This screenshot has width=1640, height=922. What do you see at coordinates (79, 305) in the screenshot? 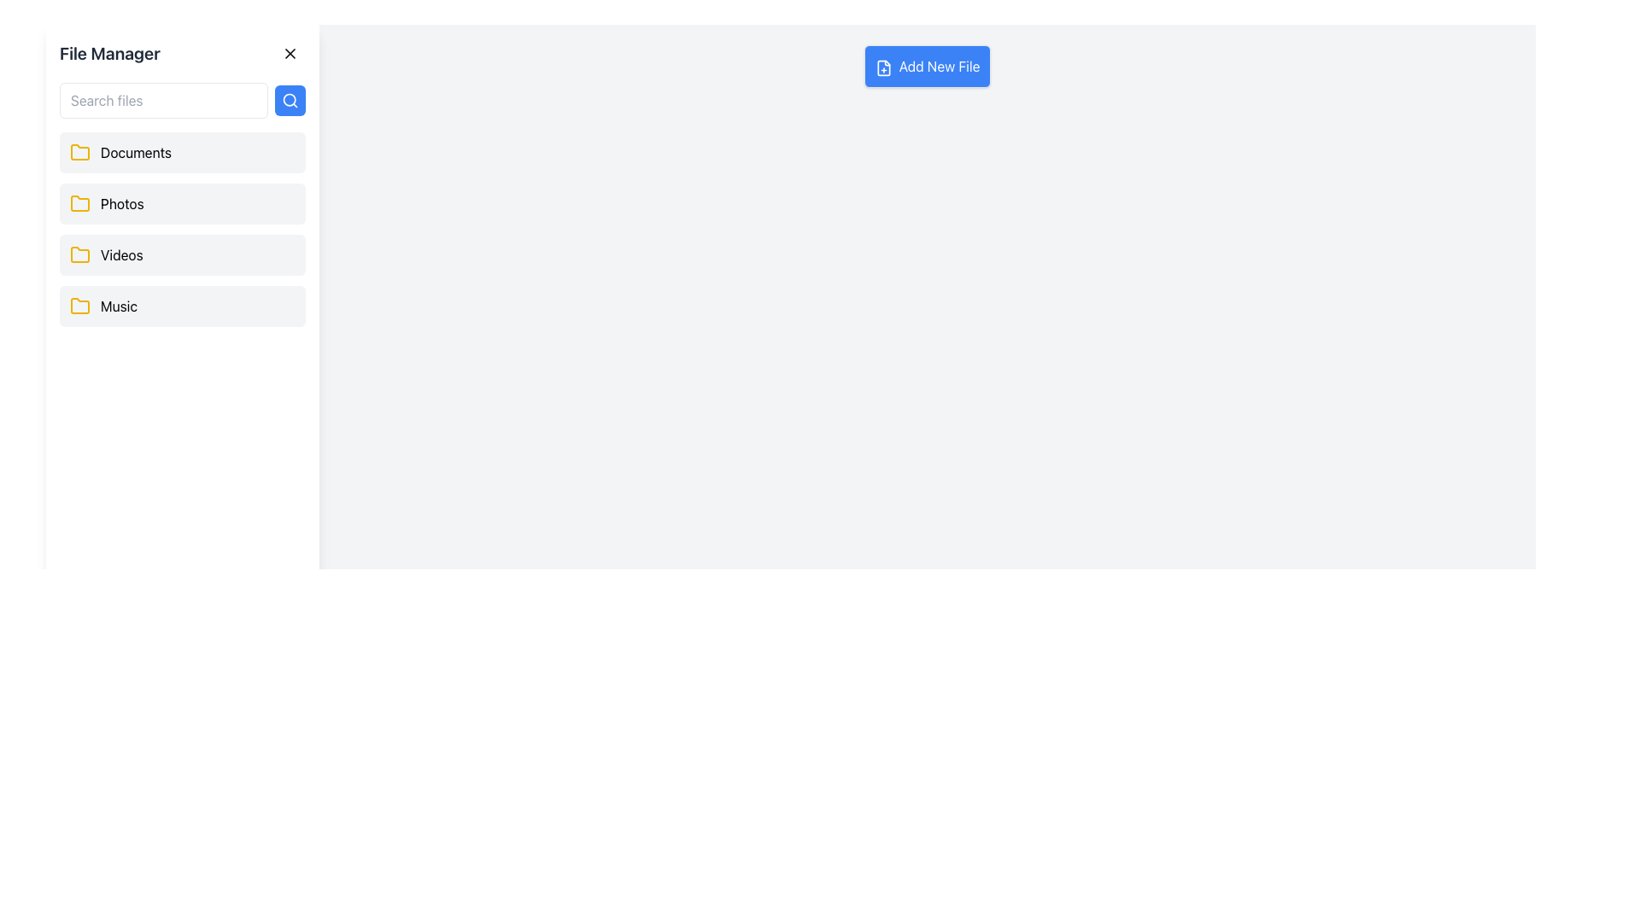
I see `the folder icon with a yellow outline located to the left of the text 'Music'` at bounding box center [79, 305].